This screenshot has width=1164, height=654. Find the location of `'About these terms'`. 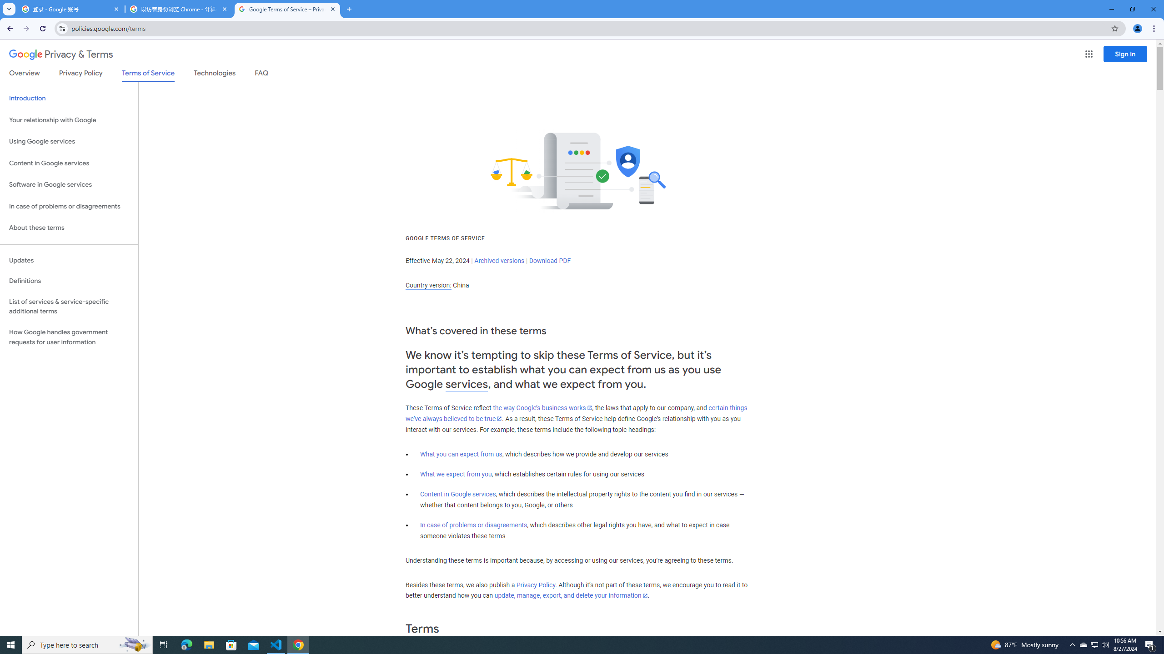

'About these terms' is located at coordinates (69, 228).